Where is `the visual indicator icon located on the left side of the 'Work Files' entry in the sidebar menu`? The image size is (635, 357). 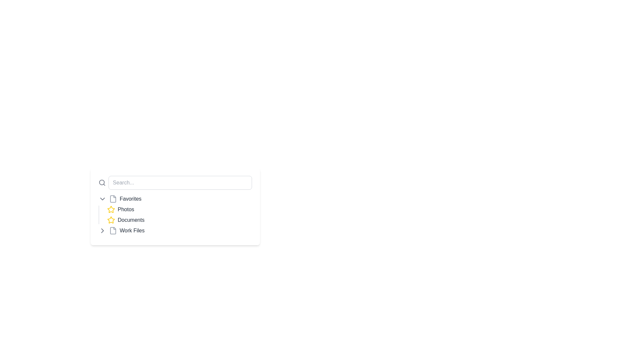
the visual indicator icon located on the left side of the 'Work Files' entry in the sidebar menu is located at coordinates (102, 230).